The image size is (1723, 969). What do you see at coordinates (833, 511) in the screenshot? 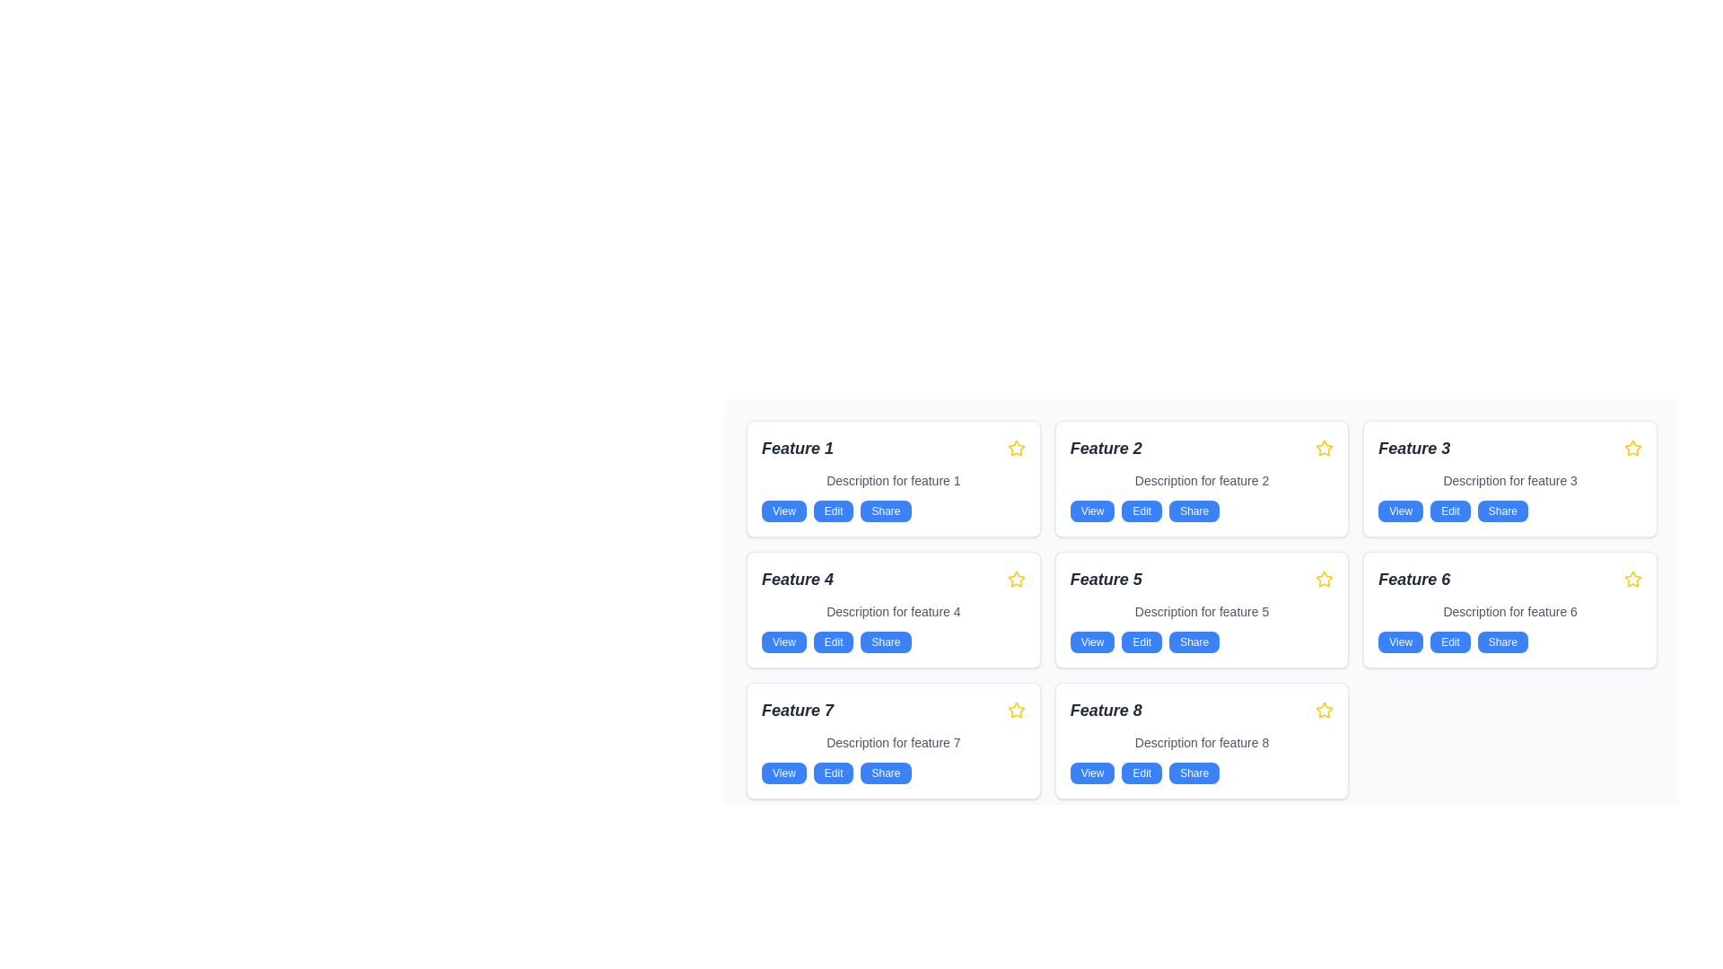
I see `the blue button labeled 'Edit'` at bounding box center [833, 511].